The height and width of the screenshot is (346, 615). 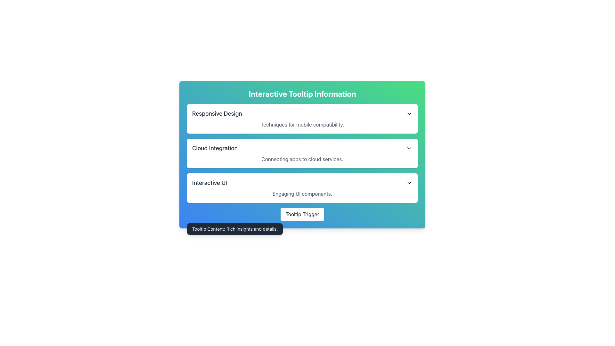 What do you see at coordinates (217, 113) in the screenshot?
I see `the text label displaying 'Responsive Design' in bold, large dark gray font` at bounding box center [217, 113].